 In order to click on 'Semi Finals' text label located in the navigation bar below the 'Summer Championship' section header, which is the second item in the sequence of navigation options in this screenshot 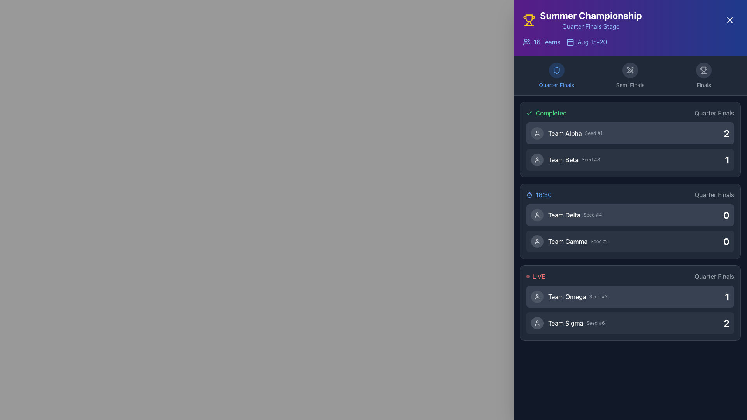, I will do `click(630, 85)`.